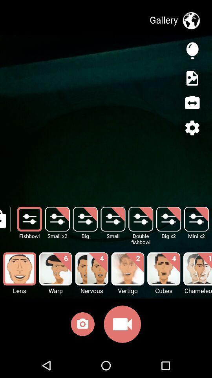 The image size is (212, 378). Describe the element at coordinates (55, 269) in the screenshot. I see `the image above warp` at that location.